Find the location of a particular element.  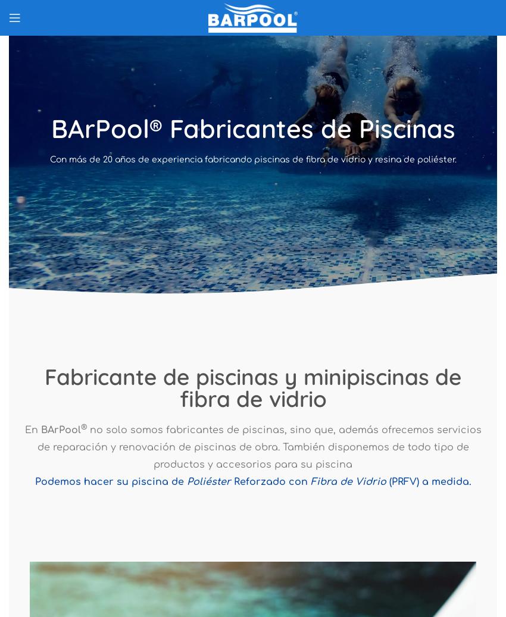

'(PRFV) a medida.' is located at coordinates (427, 481).